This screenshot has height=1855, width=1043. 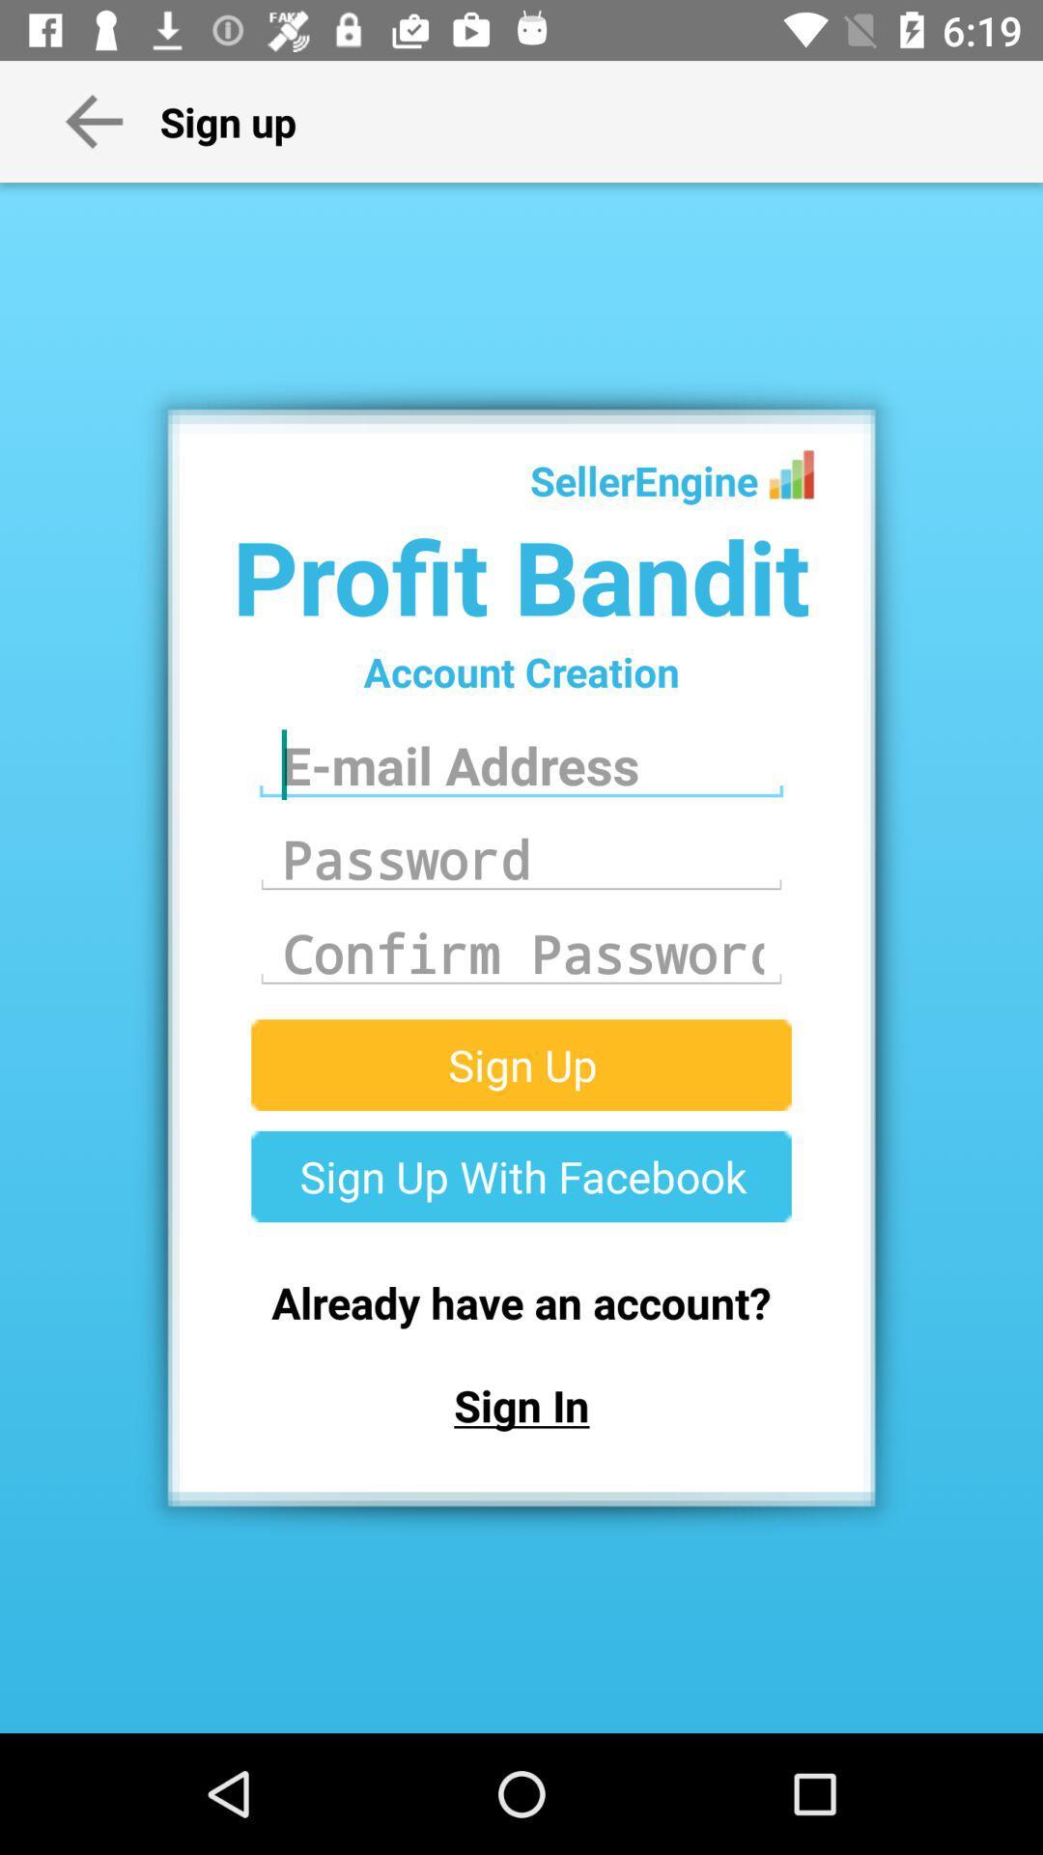 What do you see at coordinates (521, 764) in the screenshot?
I see `textbox for mail` at bounding box center [521, 764].